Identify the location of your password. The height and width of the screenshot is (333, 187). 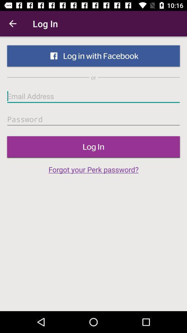
(93, 119).